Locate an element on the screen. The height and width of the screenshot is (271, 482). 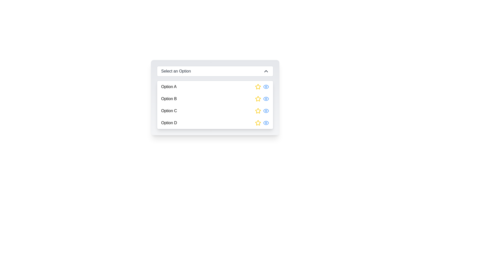
the text label displaying 'Option A' which is part of the first option item in a dropdown-like list, located to the left of a star and an eye icon is located at coordinates (169, 87).